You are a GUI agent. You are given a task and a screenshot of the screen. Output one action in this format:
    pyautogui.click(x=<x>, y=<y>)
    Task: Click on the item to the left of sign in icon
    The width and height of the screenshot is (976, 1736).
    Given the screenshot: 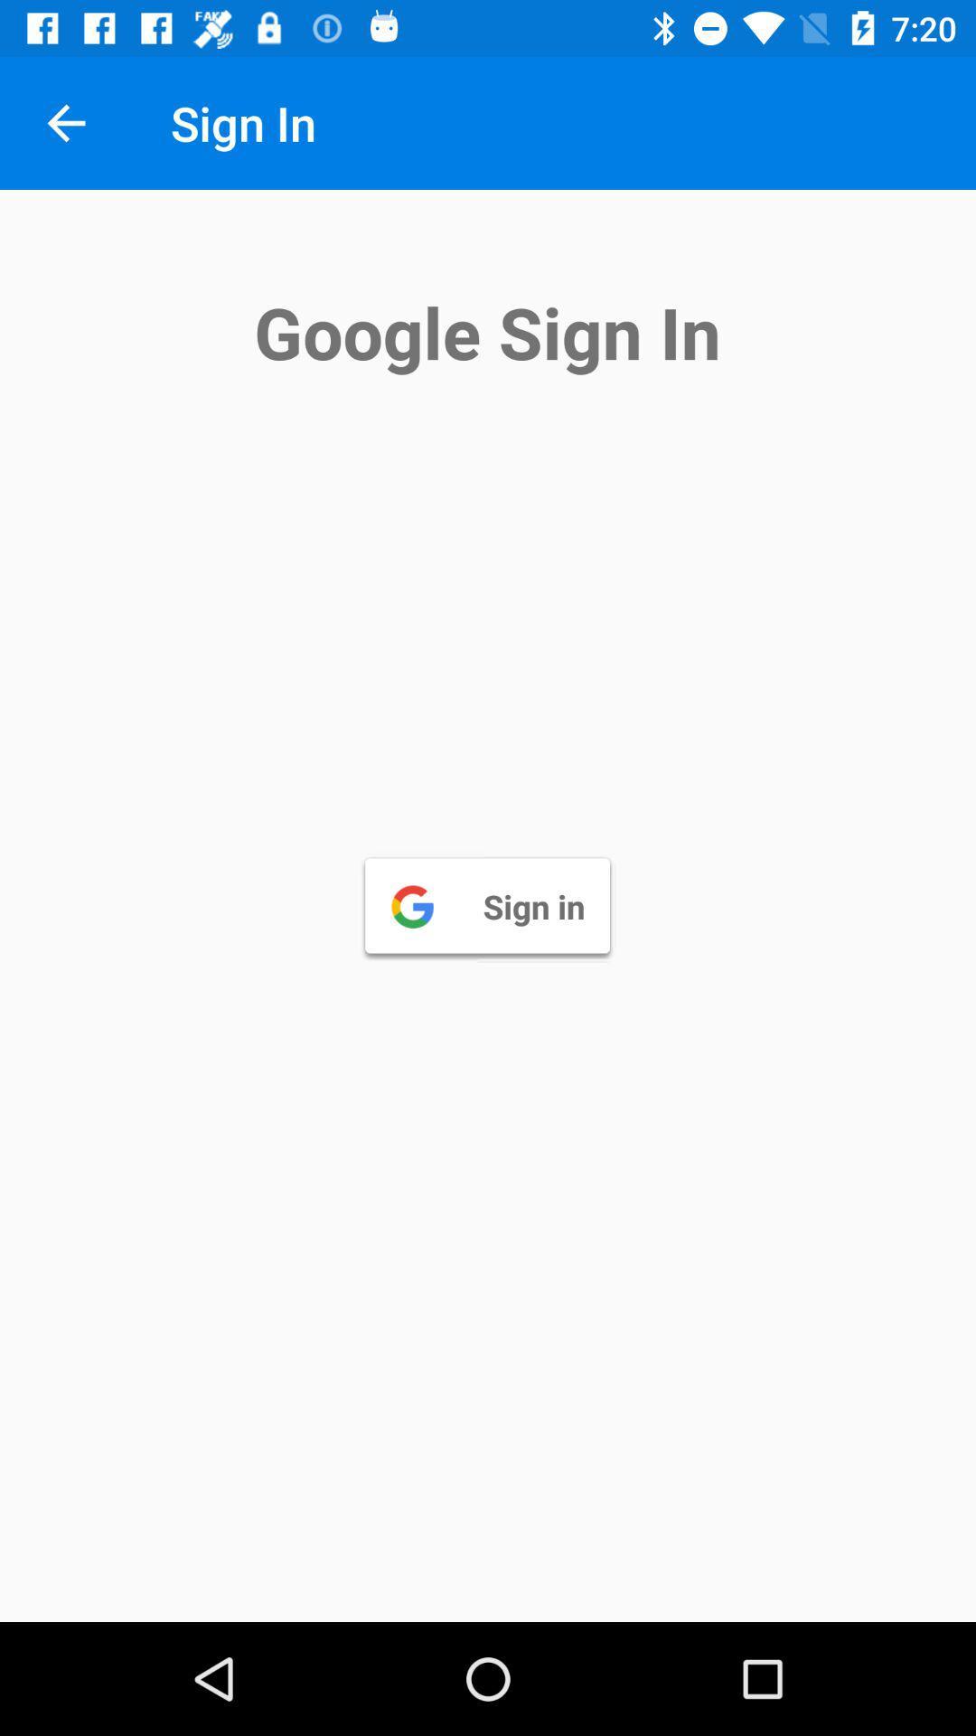 What is the action you would take?
    pyautogui.click(x=65, y=122)
    